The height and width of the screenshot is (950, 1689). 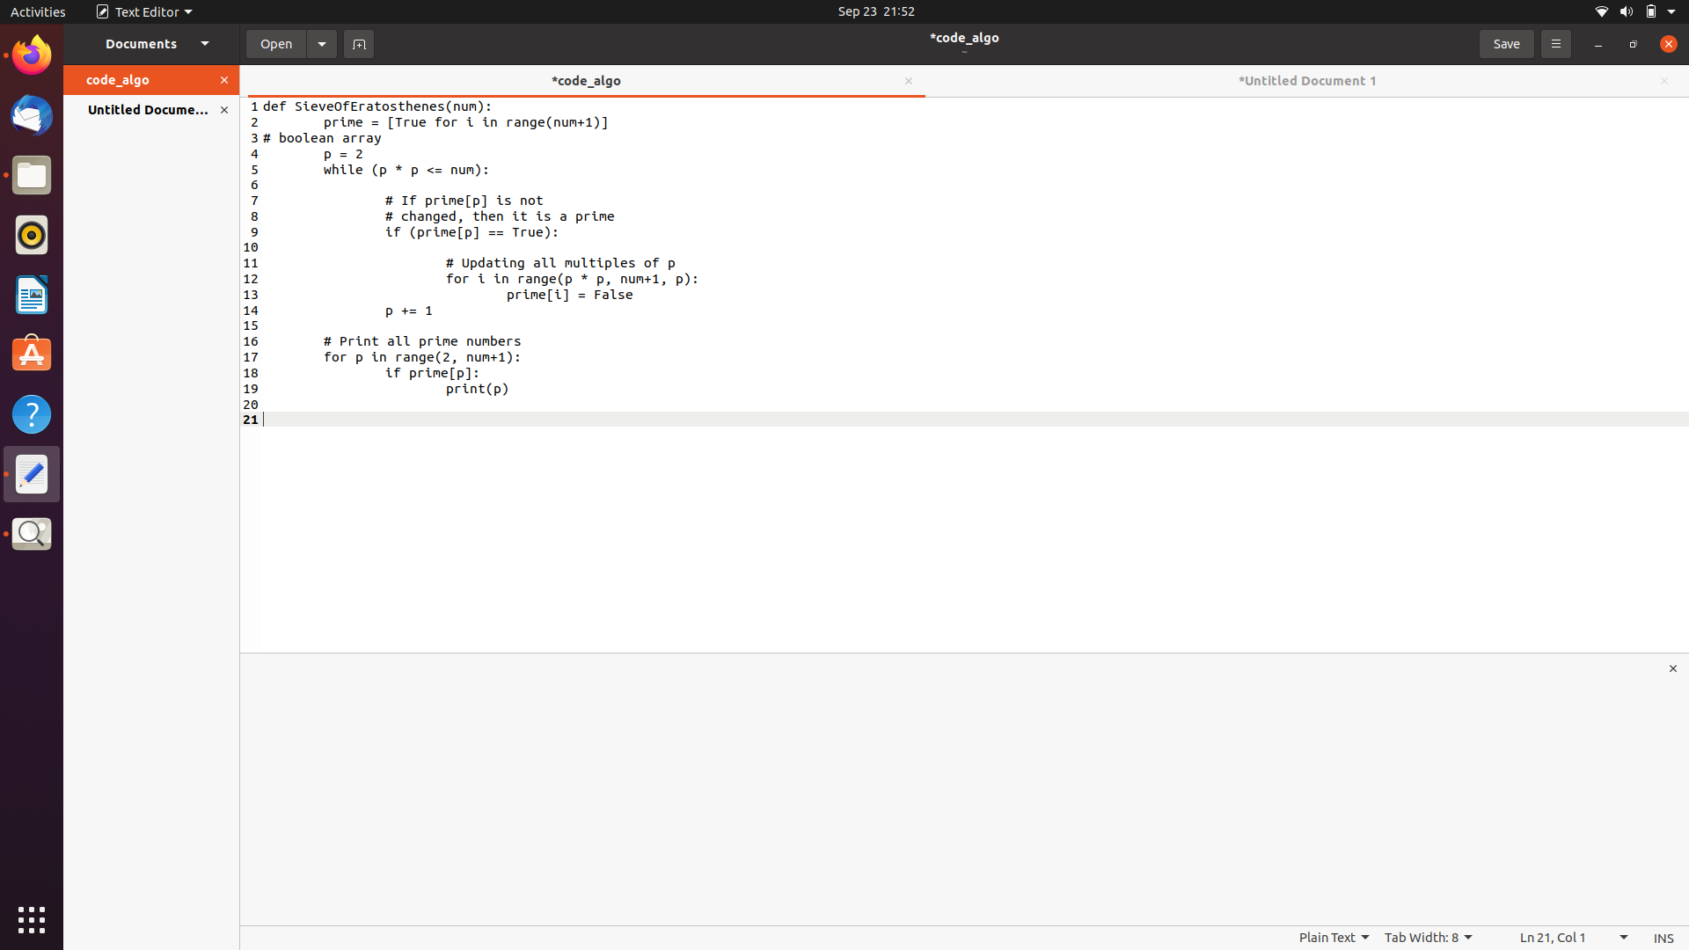 I want to click on a fresh tab, so click(x=357, y=42).